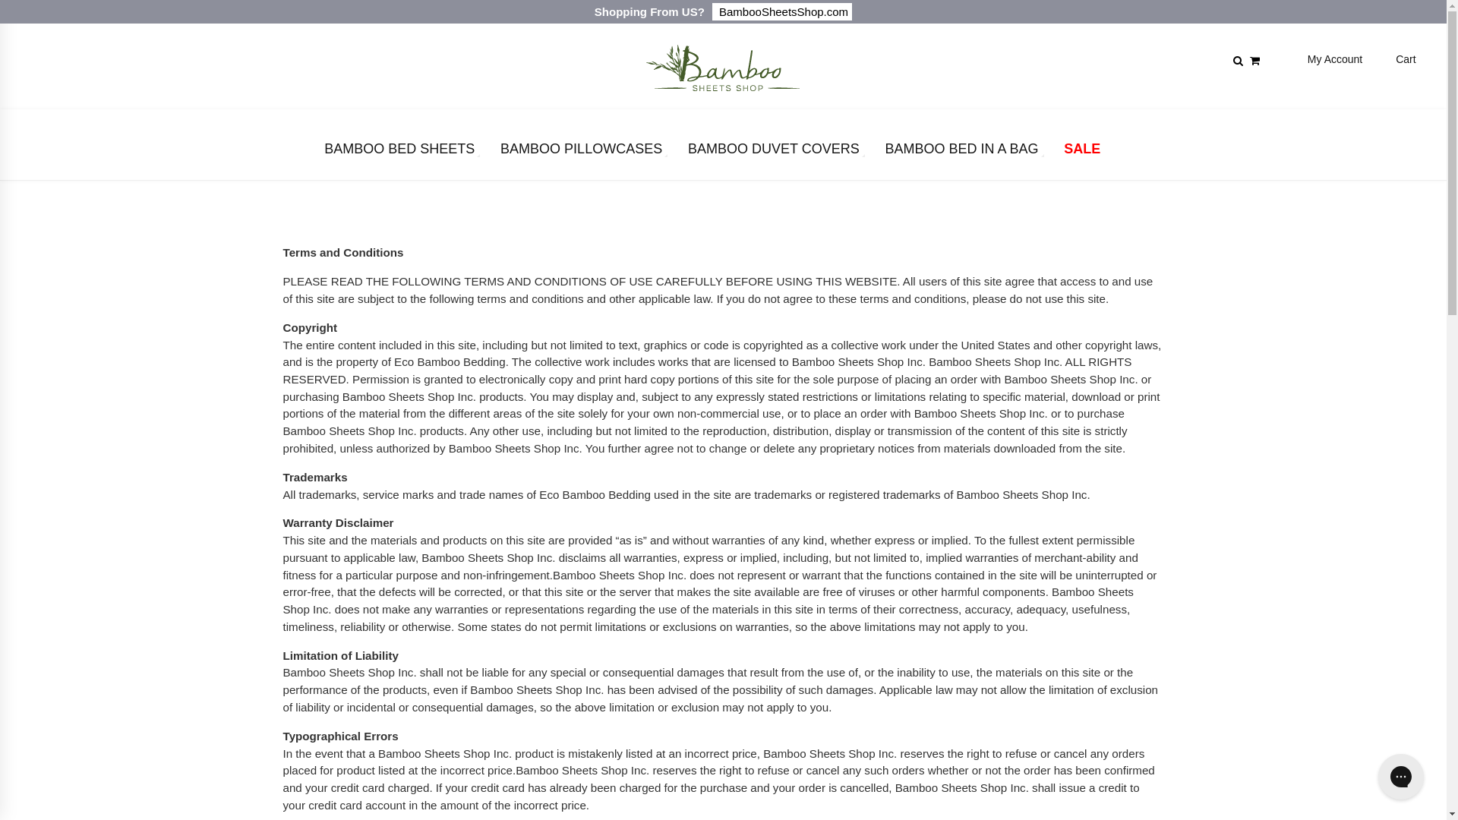 This screenshot has height=820, width=1458. What do you see at coordinates (1400, 776) in the screenshot?
I see `'Gorgias live chat messenger'` at bounding box center [1400, 776].